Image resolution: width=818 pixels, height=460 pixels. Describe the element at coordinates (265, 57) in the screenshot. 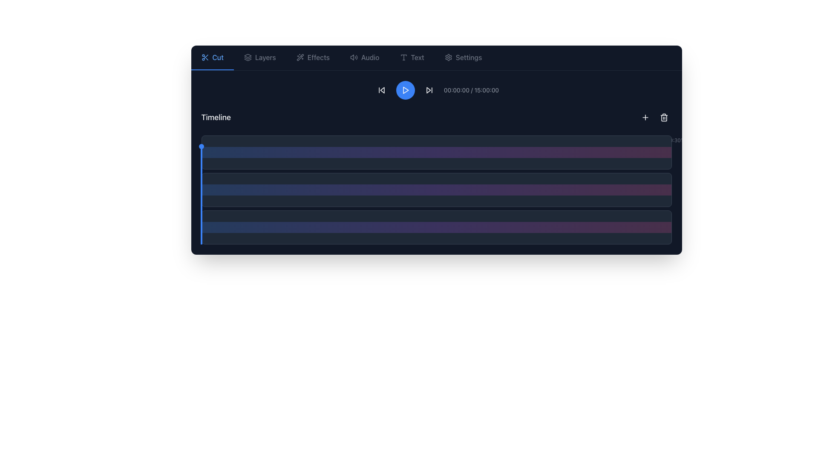

I see `the text label displaying 'Layers', which is styled in gray and located in the top navigation bar between the 'Cut' and 'Effects' elements` at that location.